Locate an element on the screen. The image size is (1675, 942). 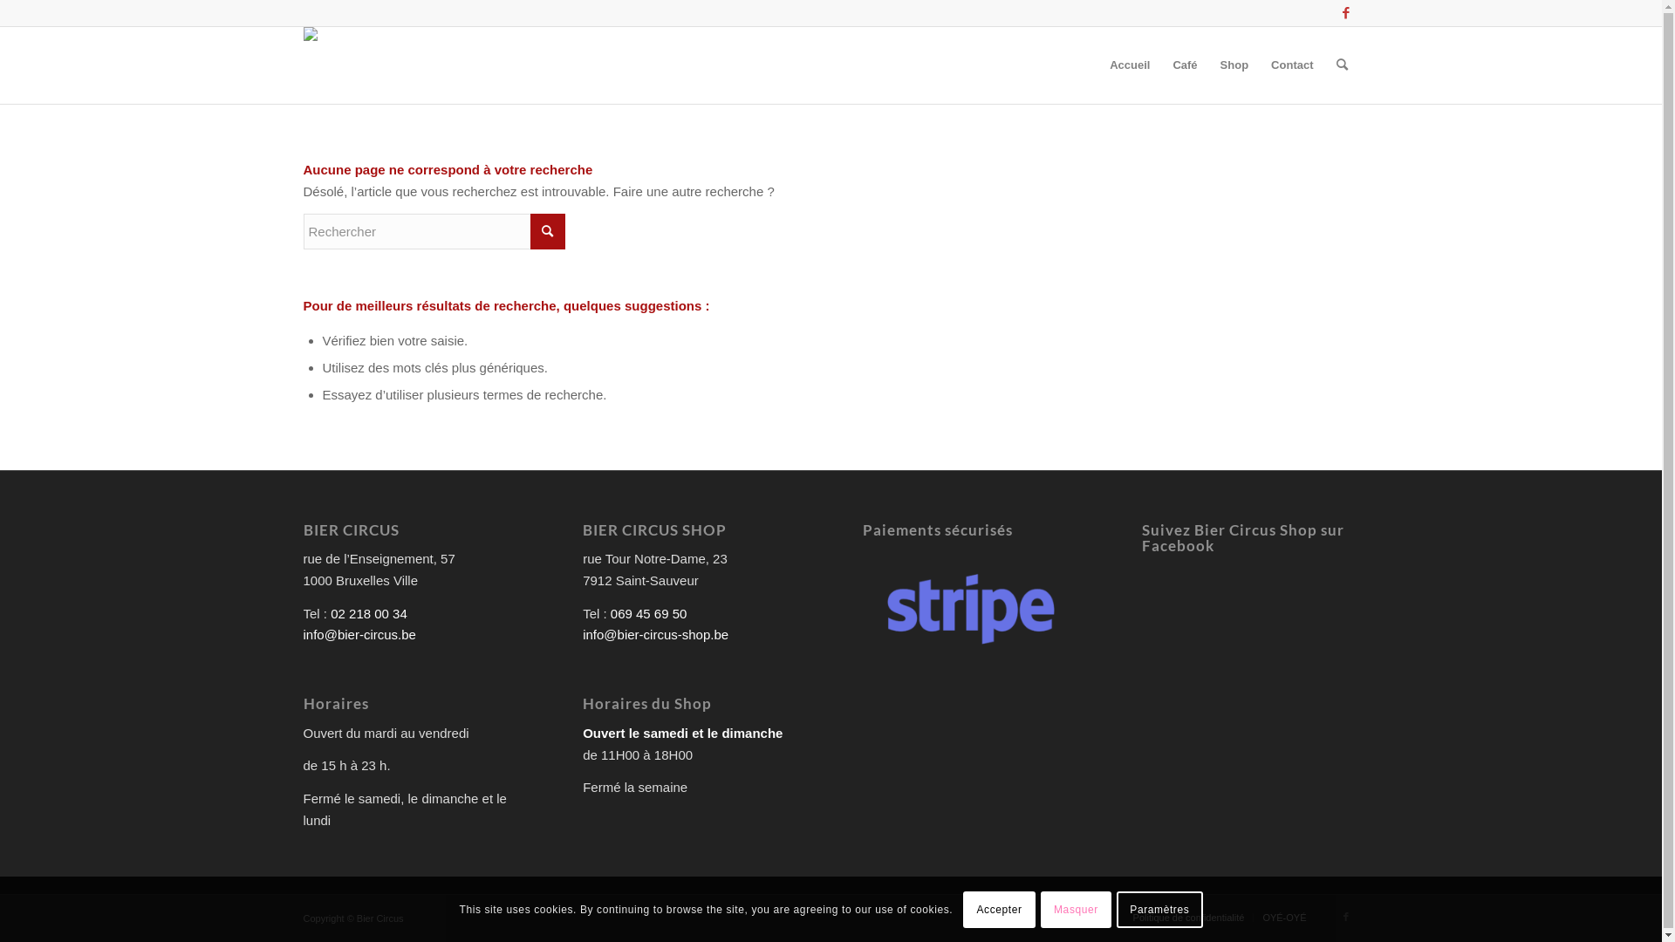
'Facebook' is located at coordinates (1344, 915).